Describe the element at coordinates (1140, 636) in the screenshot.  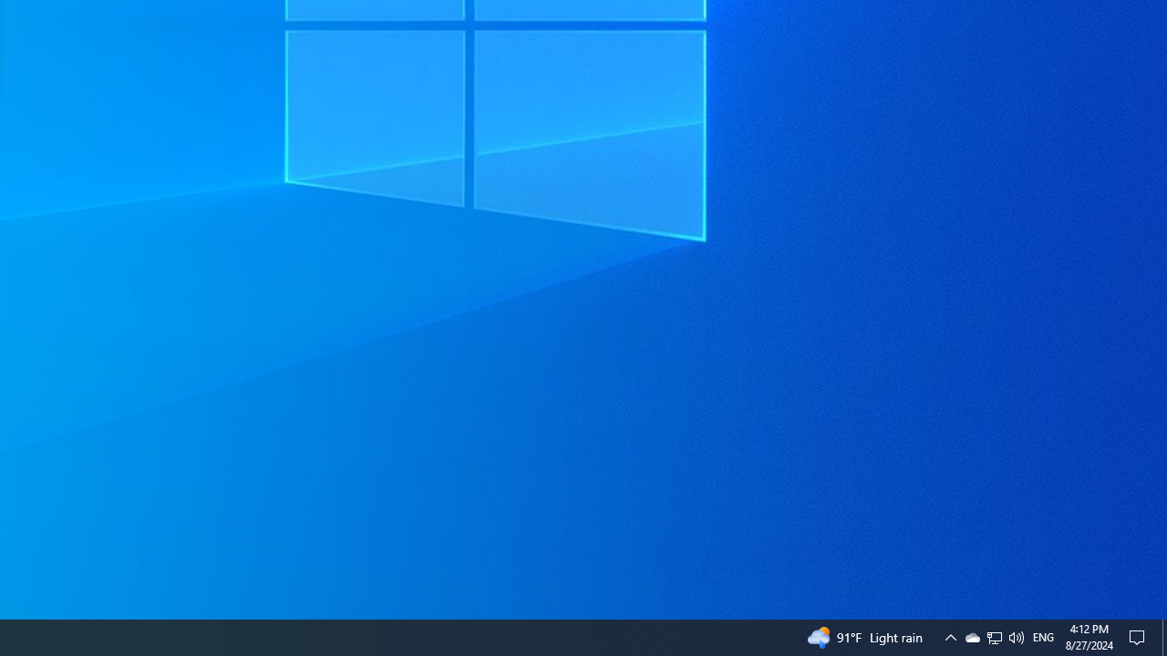
I see `'Action Center, No new notifications'` at that location.